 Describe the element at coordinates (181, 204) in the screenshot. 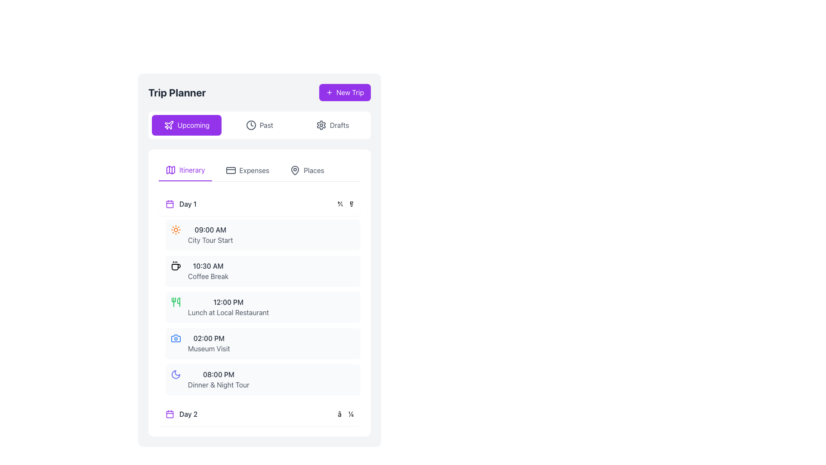

I see `the text label displaying 'Day 1', which is positioned to the right of a purple calendar icon within the planning interface` at that location.